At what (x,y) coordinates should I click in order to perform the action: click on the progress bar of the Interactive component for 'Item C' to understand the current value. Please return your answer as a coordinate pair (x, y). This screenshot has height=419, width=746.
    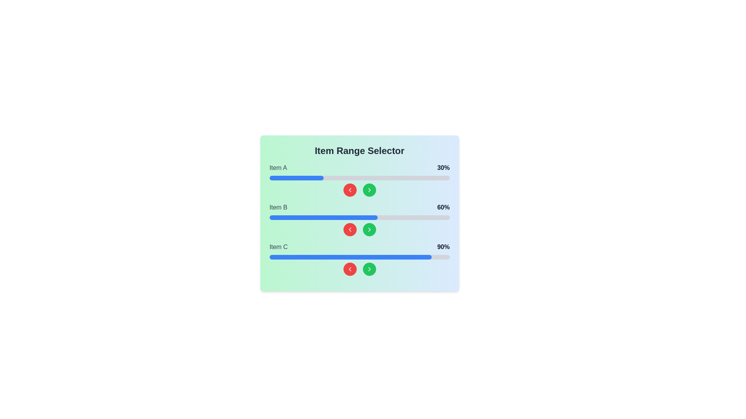
    Looking at the image, I should click on (359, 259).